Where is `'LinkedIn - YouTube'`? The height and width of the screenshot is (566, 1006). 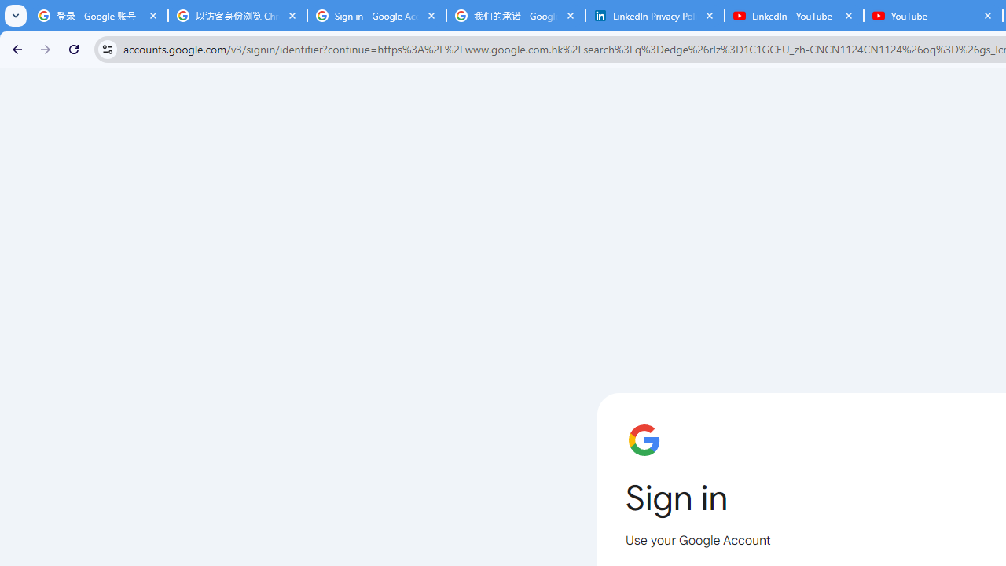
'LinkedIn - YouTube' is located at coordinates (794, 16).